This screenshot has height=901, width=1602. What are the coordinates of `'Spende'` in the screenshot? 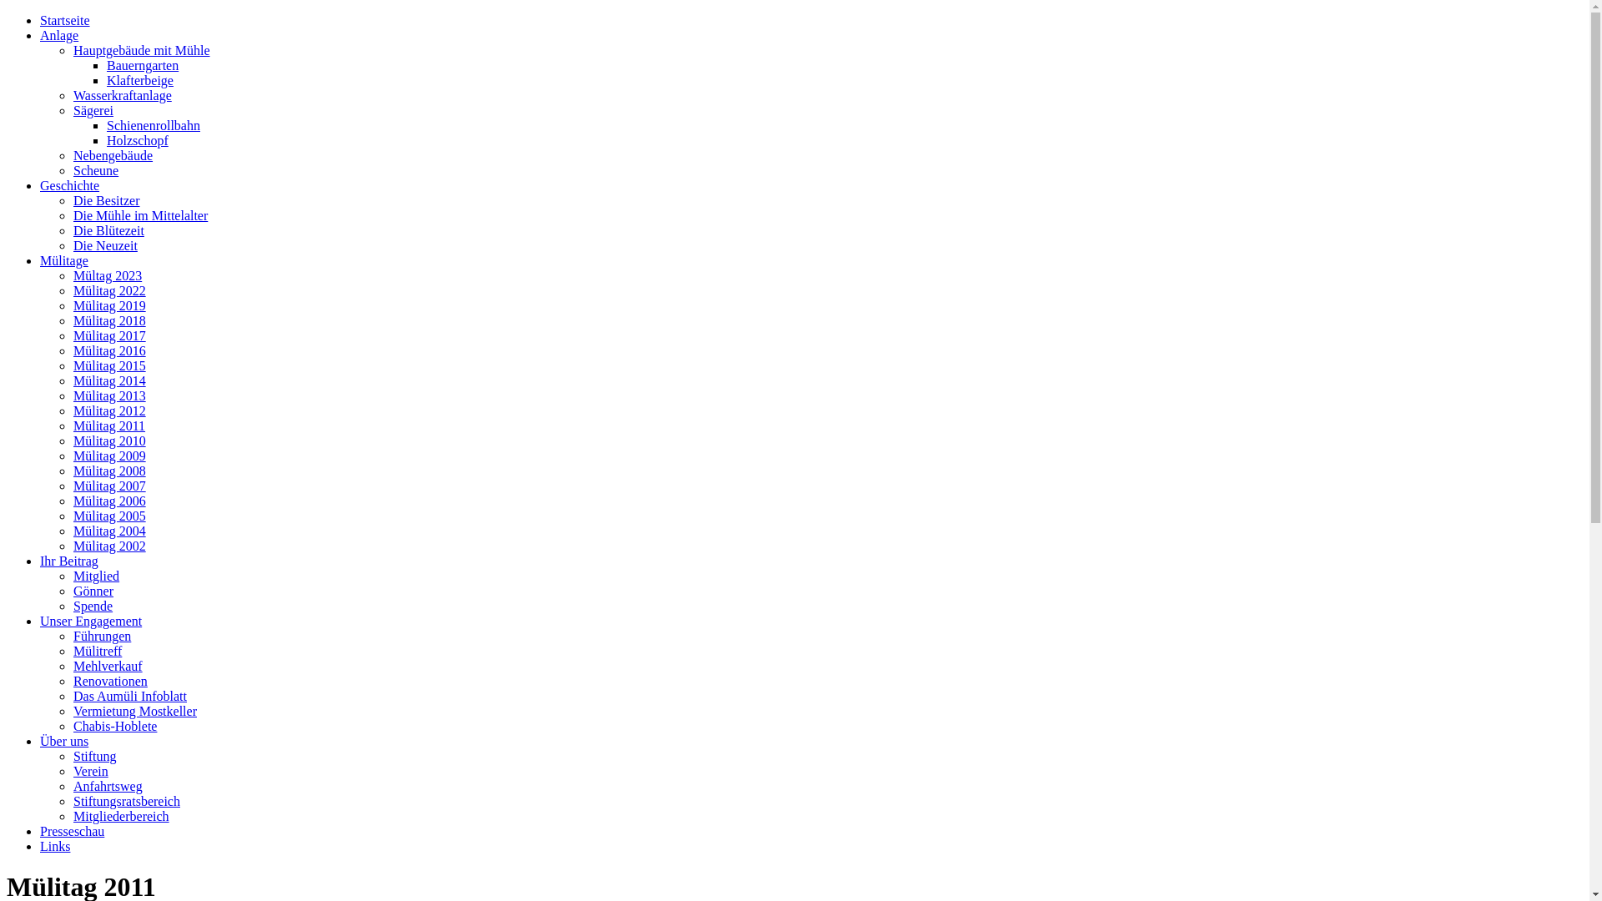 It's located at (72, 606).